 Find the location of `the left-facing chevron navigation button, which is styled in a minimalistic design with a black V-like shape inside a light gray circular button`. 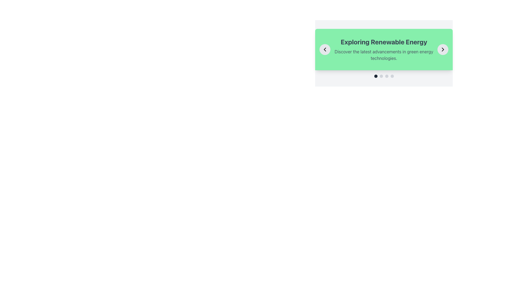

the left-facing chevron navigation button, which is styled in a minimalistic design with a black V-like shape inside a light gray circular button is located at coordinates (325, 49).